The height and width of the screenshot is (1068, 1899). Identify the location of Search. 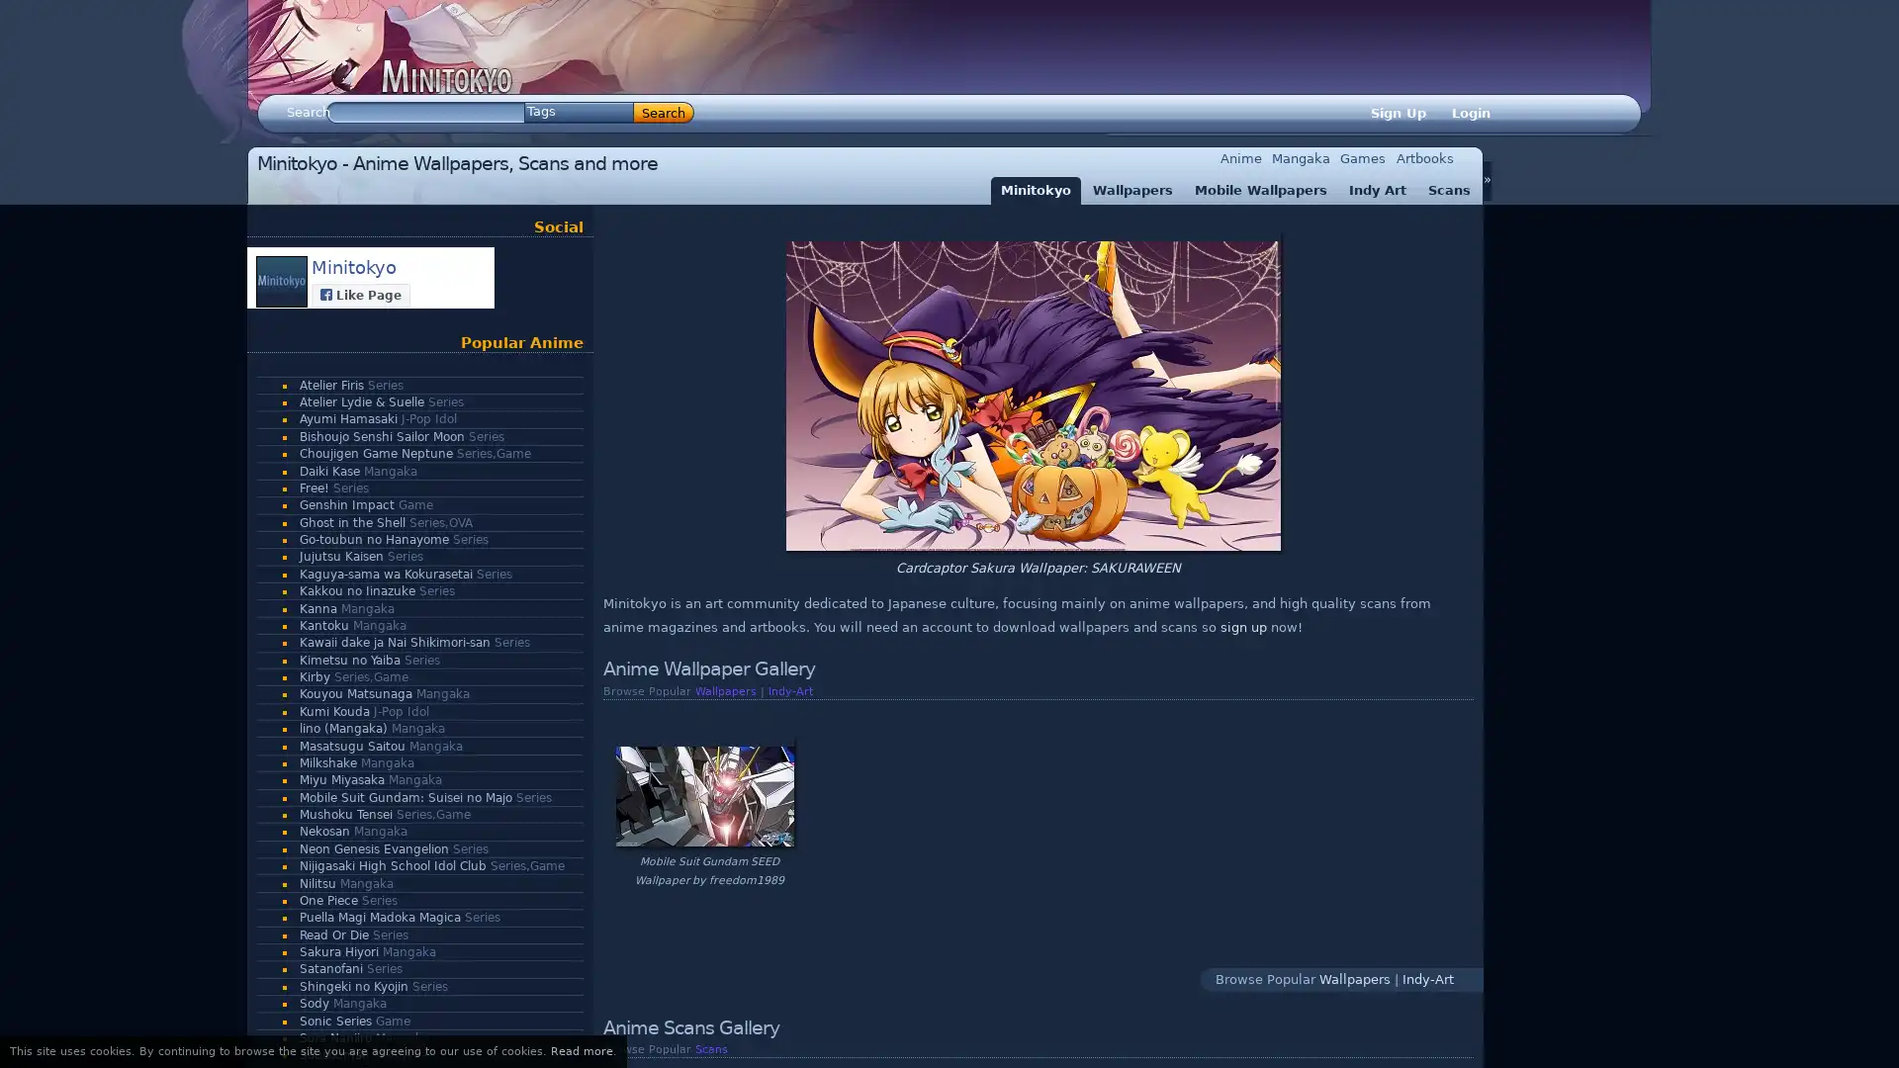
(664, 113).